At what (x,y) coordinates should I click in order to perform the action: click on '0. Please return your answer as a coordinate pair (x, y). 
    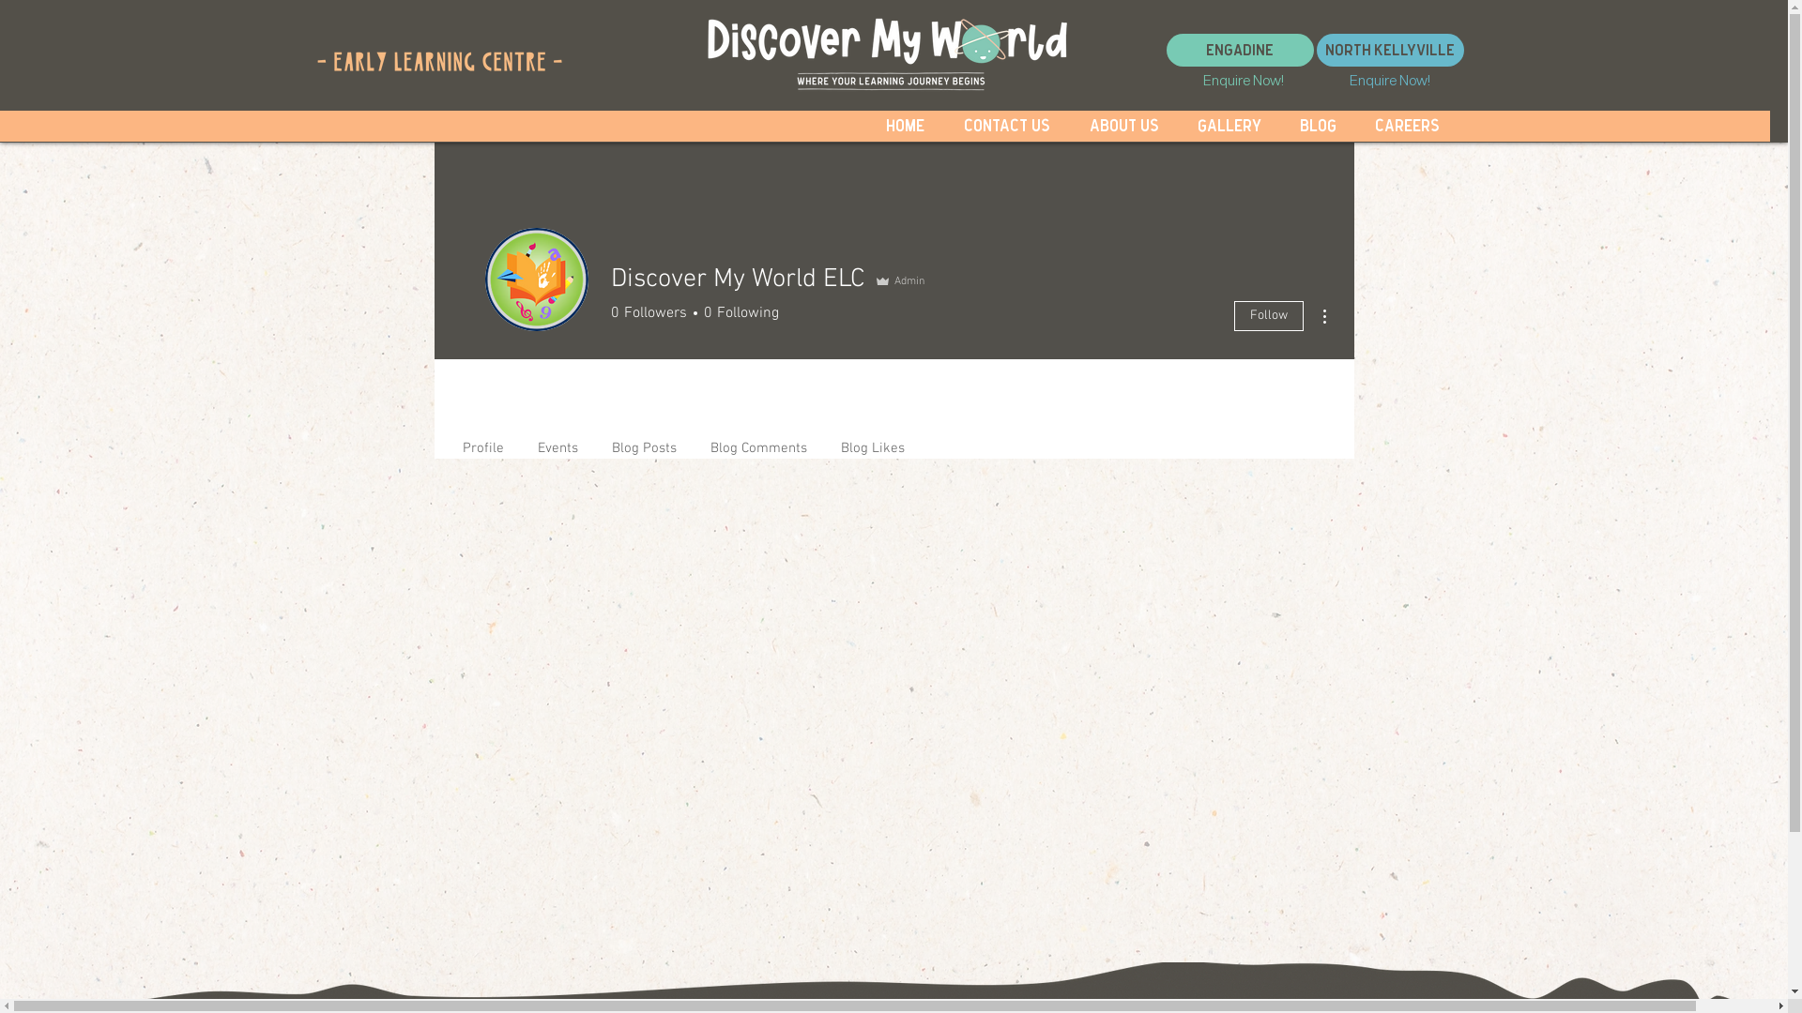
    Looking at the image, I should click on (609, 312).